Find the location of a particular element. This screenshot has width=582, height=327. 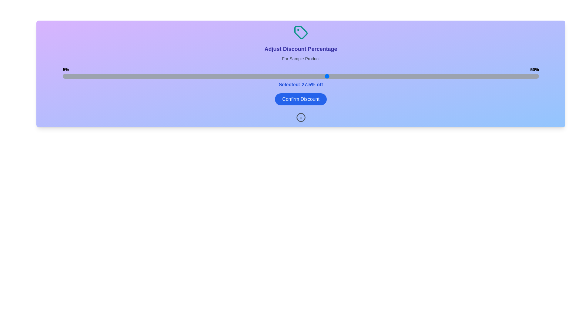

the discount percentage is located at coordinates (359, 76).